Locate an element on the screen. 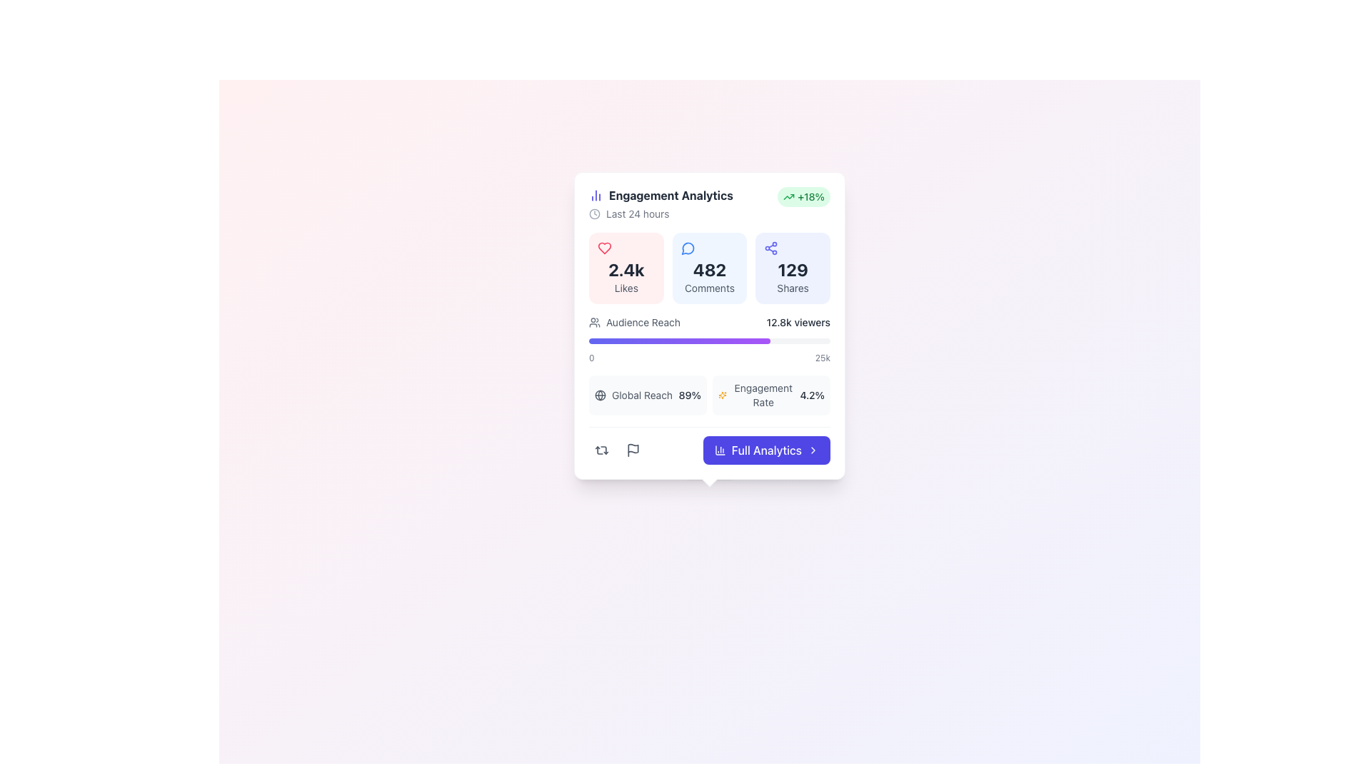  the static informational badge indicating a positive percentage change in engagement metrics, located in the top-right corner of the 'Engagement Analytics' section is located at coordinates (804, 197).